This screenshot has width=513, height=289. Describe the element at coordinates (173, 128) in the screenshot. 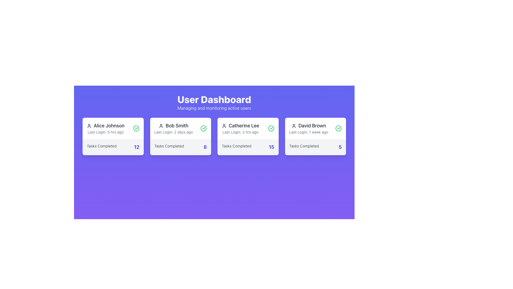

I see `the text display component that shows the user's name and last login time, located in the second card on the dashboard` at that location.